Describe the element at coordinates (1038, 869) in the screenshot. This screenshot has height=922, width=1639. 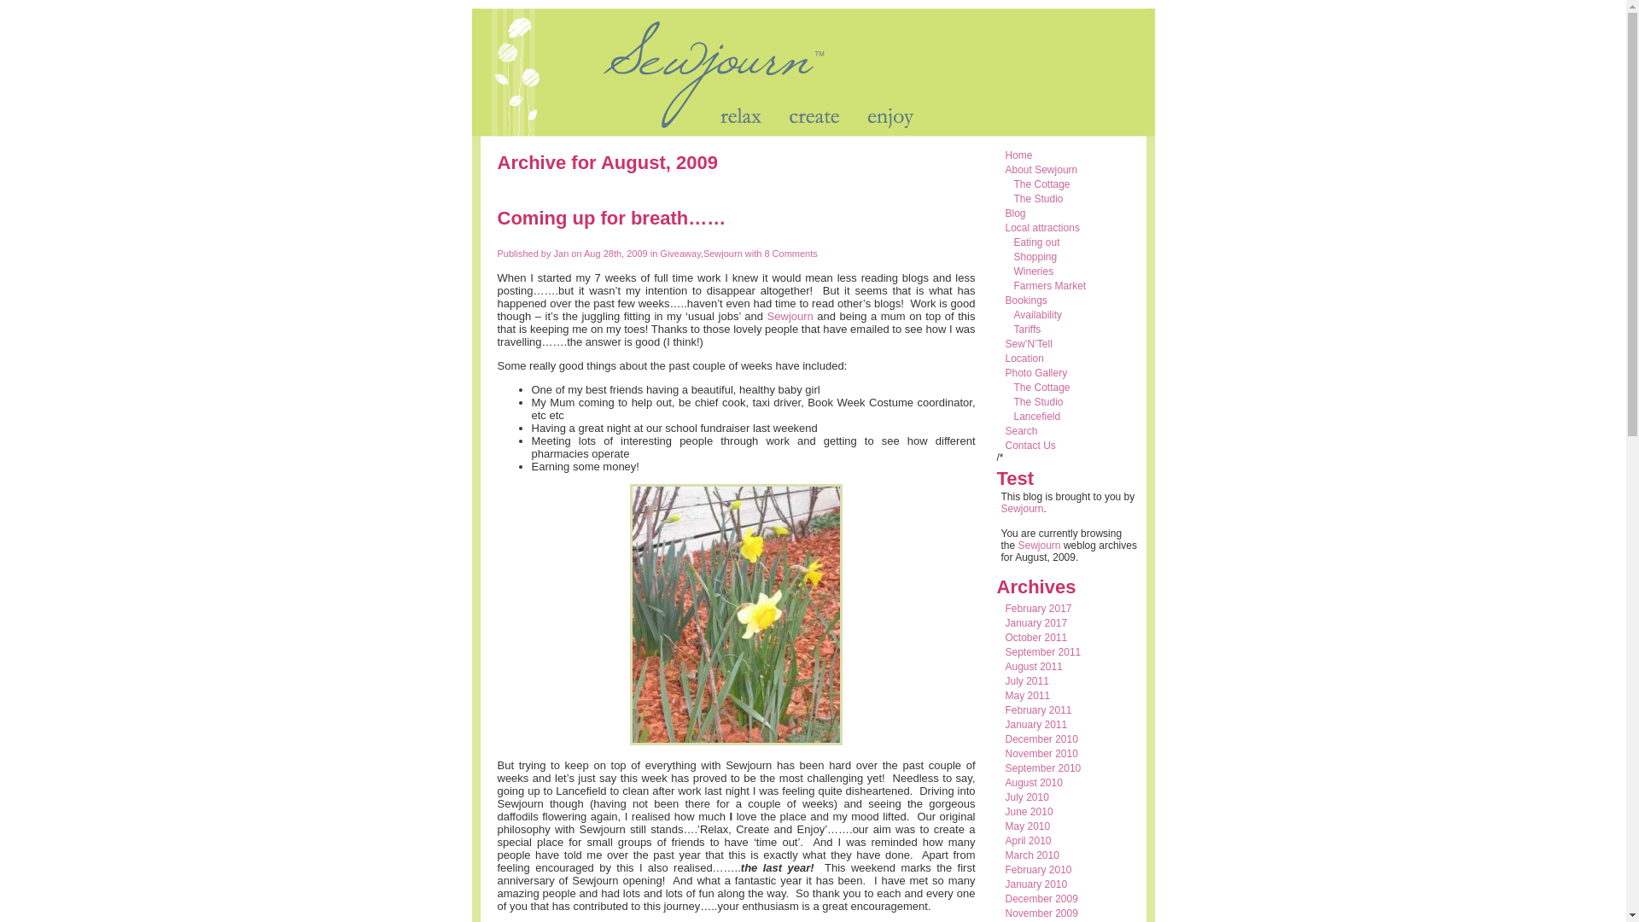
I see `'February 2010'` at that location.